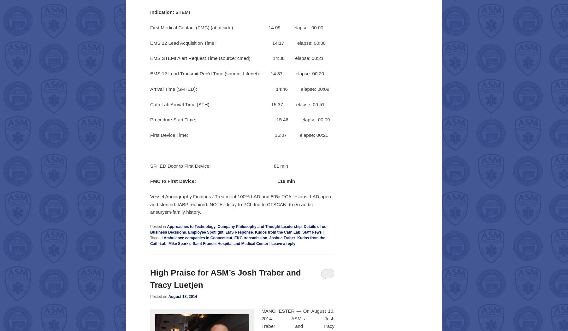 Image resolution: width=568 pixels, height=331 pixels. What do you see at coordinates (150, 42) in the screenshot?
I see `'EMS 12 Lead Acquisition Time:                                           14:17          elapse: 00:08'` at bounding box center [150, 42].